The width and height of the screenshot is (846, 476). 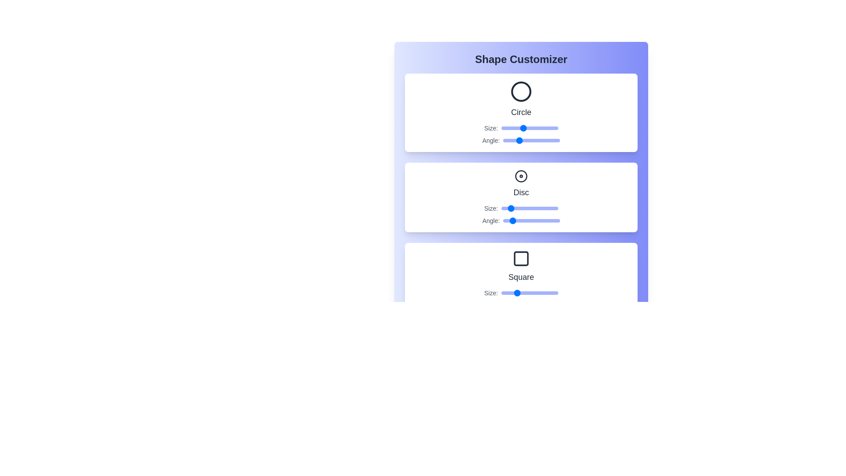 I want to click on the Circle size slider to 74, so click(x=539, y=128).